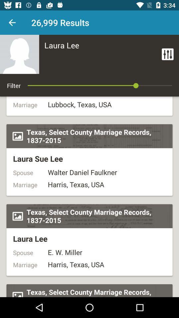 The height and width of the screenshot is (318, 179). What do you see at coordinates (167, 54) in the screenshot?
I see `filtering options` at bounding box center [167, 54].